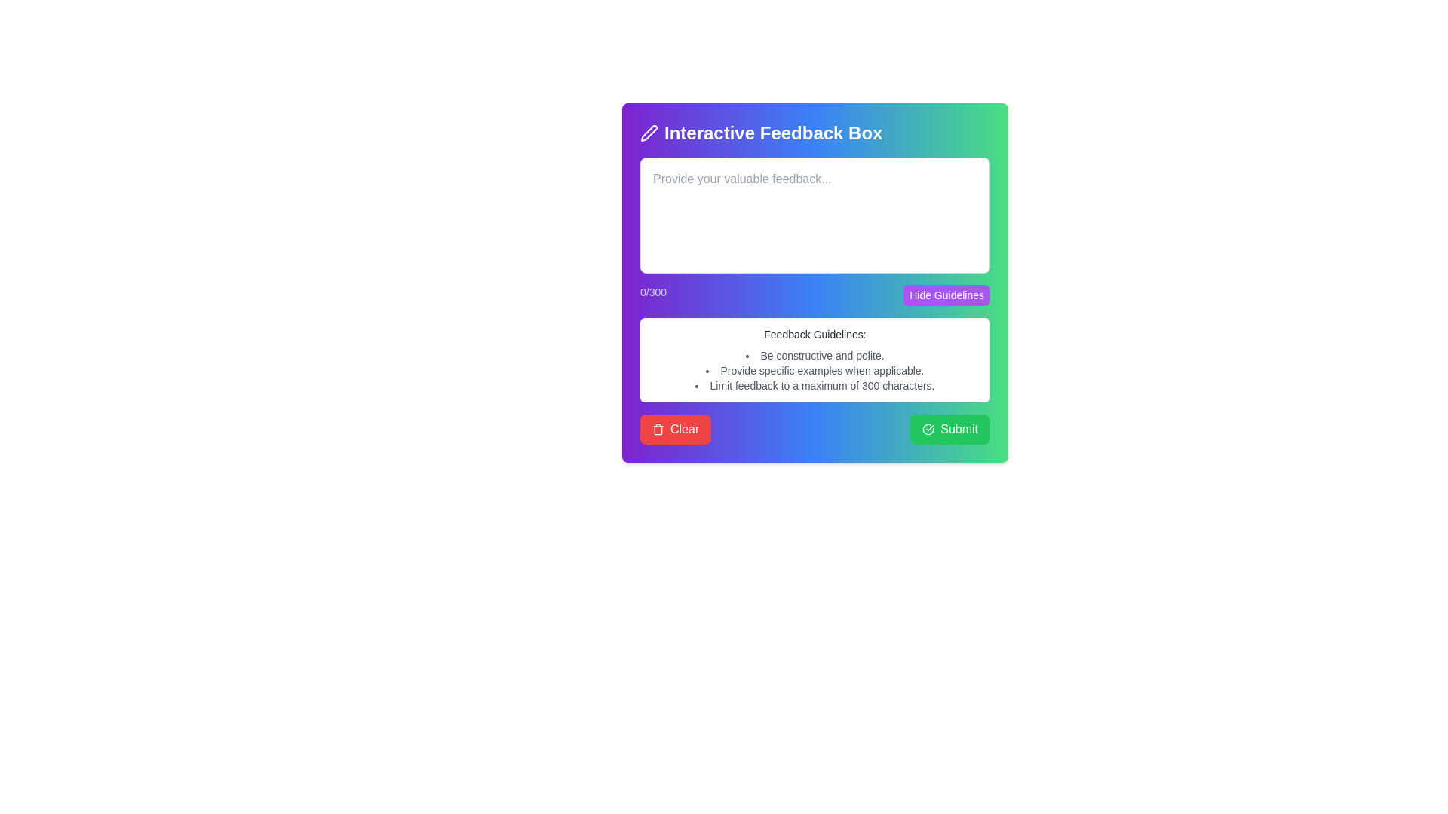  Describe the element at coordinates (814, 385) in the screenshot. I see `the third bullet point in the 'Feedback Guidelines' section that informs users about the character limit for their input` at that location.